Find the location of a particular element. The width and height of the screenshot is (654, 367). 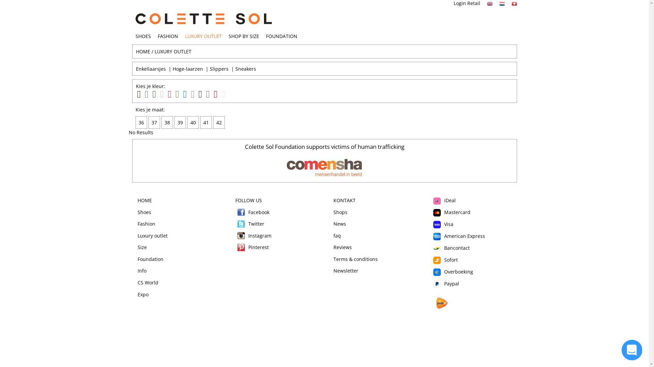

'FASHION' is located at coordinates (157, 36).